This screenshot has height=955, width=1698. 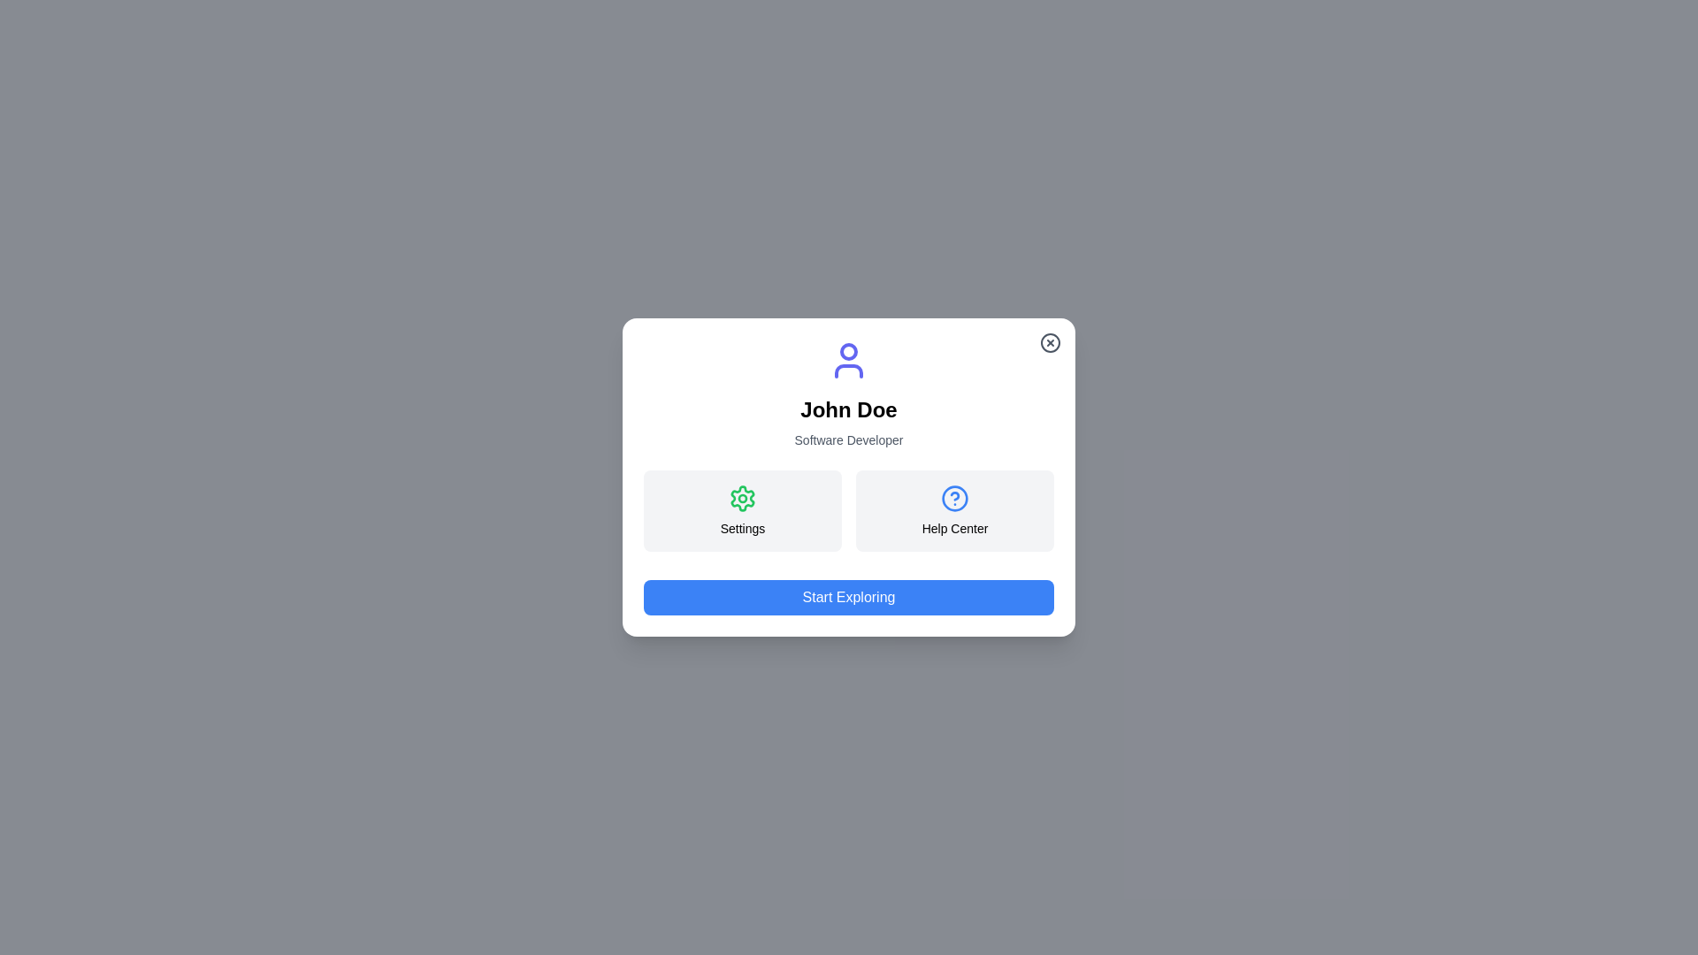 What do you see at coordinates (743, 498) in the screenshot?
I see `the green cog icon representing settings, located in the lower left quadrant of the card interface` at bounding box center [743, 498].